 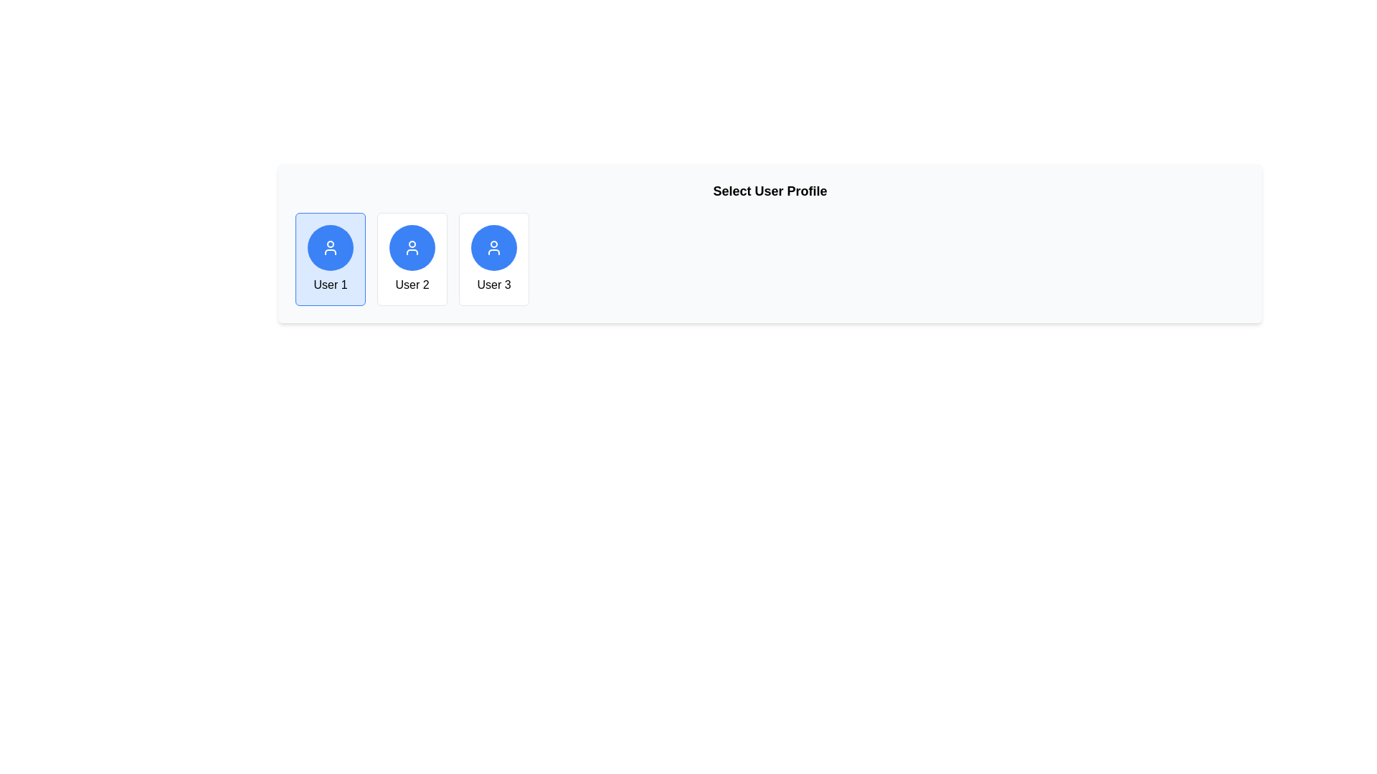 I want to click on the 'User 2' profile icon, which is the second circular icon in a horizontal list of three icons, located above the label 'User 2', so click(x=412, y=247).